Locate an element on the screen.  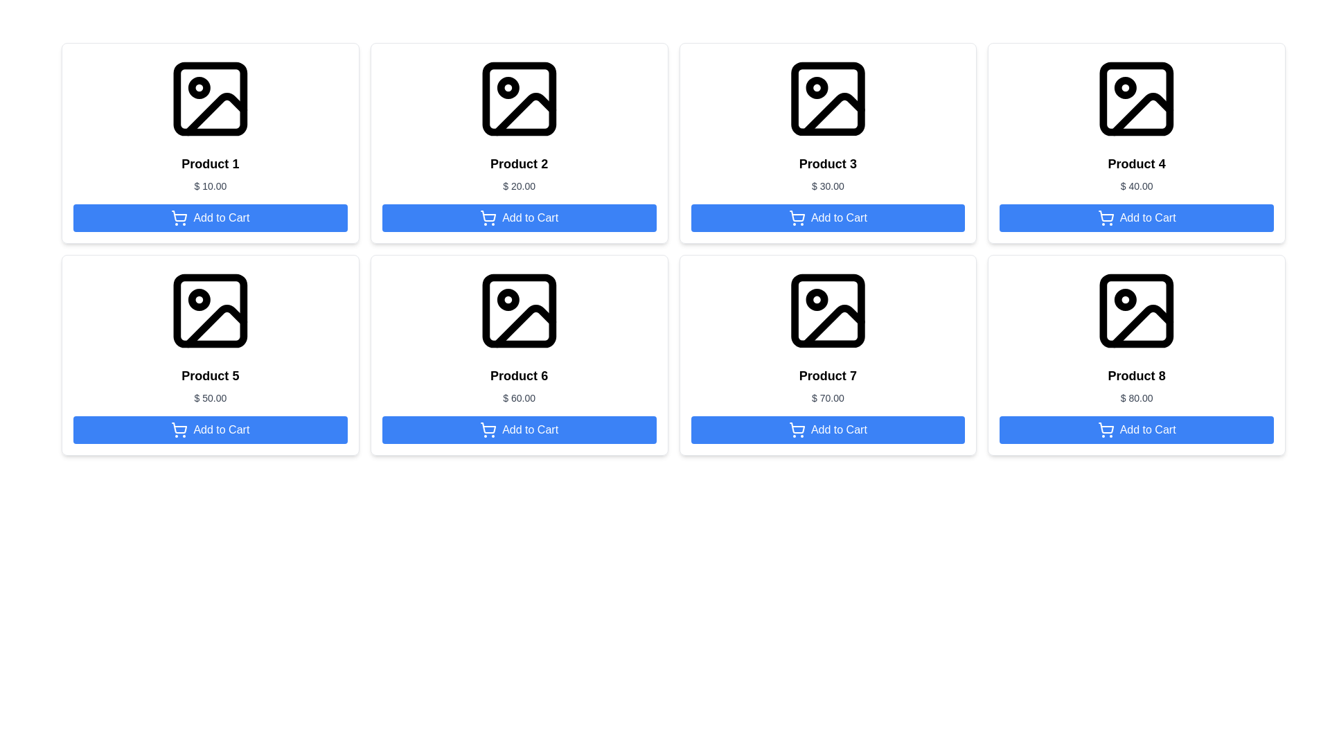
the small rectangular decorative component with rounded corners located centrally within the image area of 'Product 6' is located at coordinates (518, 310).